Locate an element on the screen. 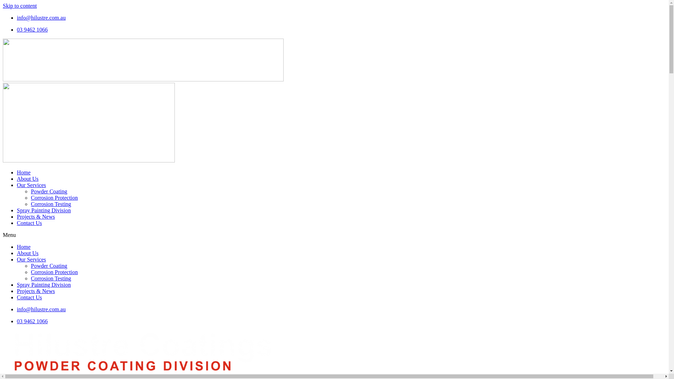  'Our Services' is located at coordinates (31, 259).